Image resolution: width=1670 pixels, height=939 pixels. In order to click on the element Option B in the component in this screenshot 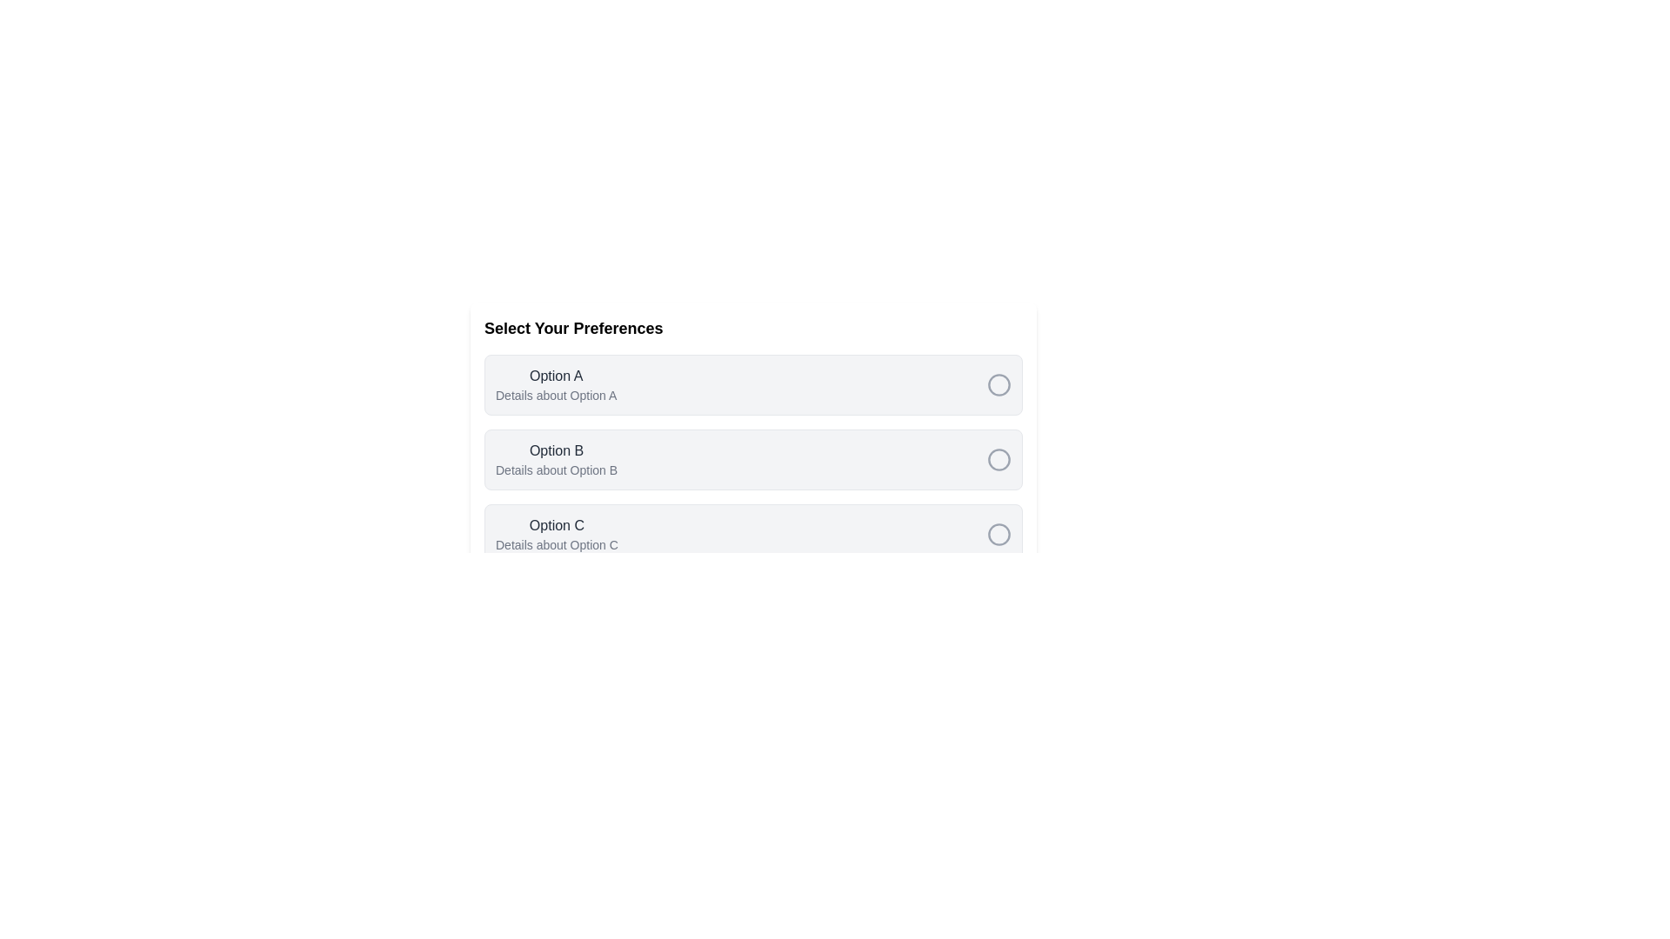, I will do `click(557, 458)`.